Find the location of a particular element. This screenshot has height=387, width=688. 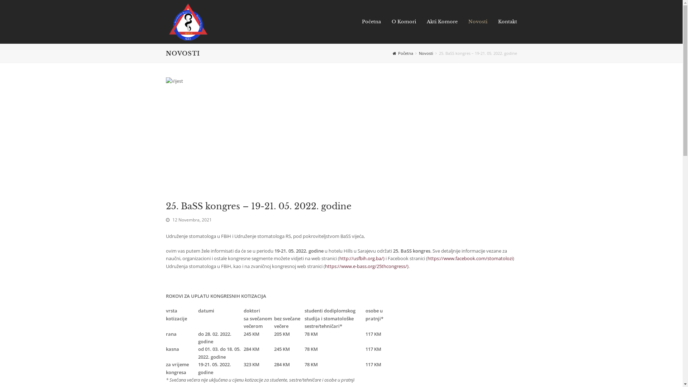

'DACS' is located at coordinates (187, 20).